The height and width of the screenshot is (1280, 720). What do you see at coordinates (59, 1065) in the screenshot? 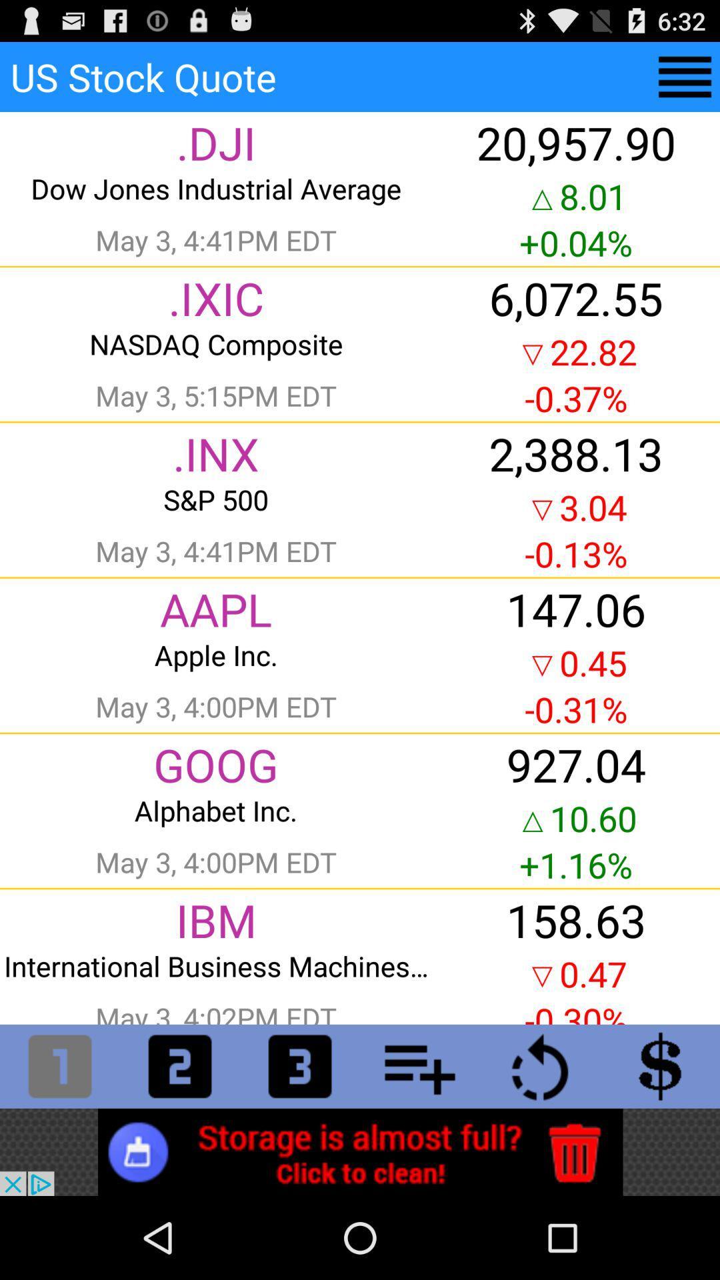
I see `quote` at bounding box center [59, 1065].